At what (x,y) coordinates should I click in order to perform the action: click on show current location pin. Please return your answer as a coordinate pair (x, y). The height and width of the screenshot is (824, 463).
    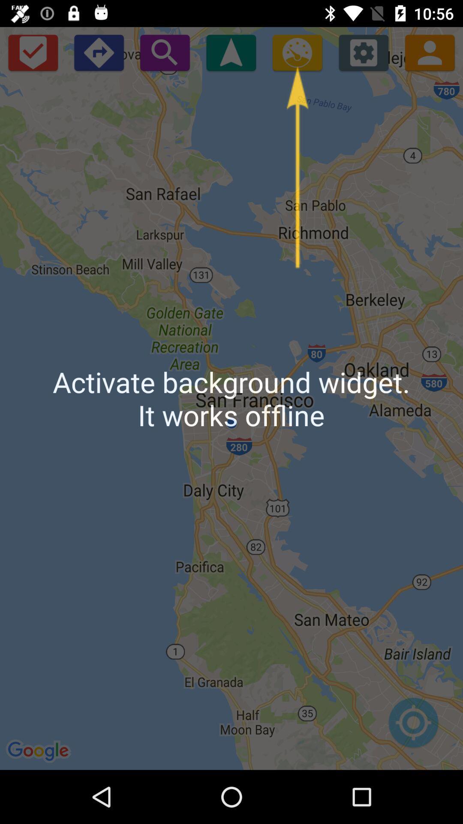
    Looking at the image, I should click on (231, 52).